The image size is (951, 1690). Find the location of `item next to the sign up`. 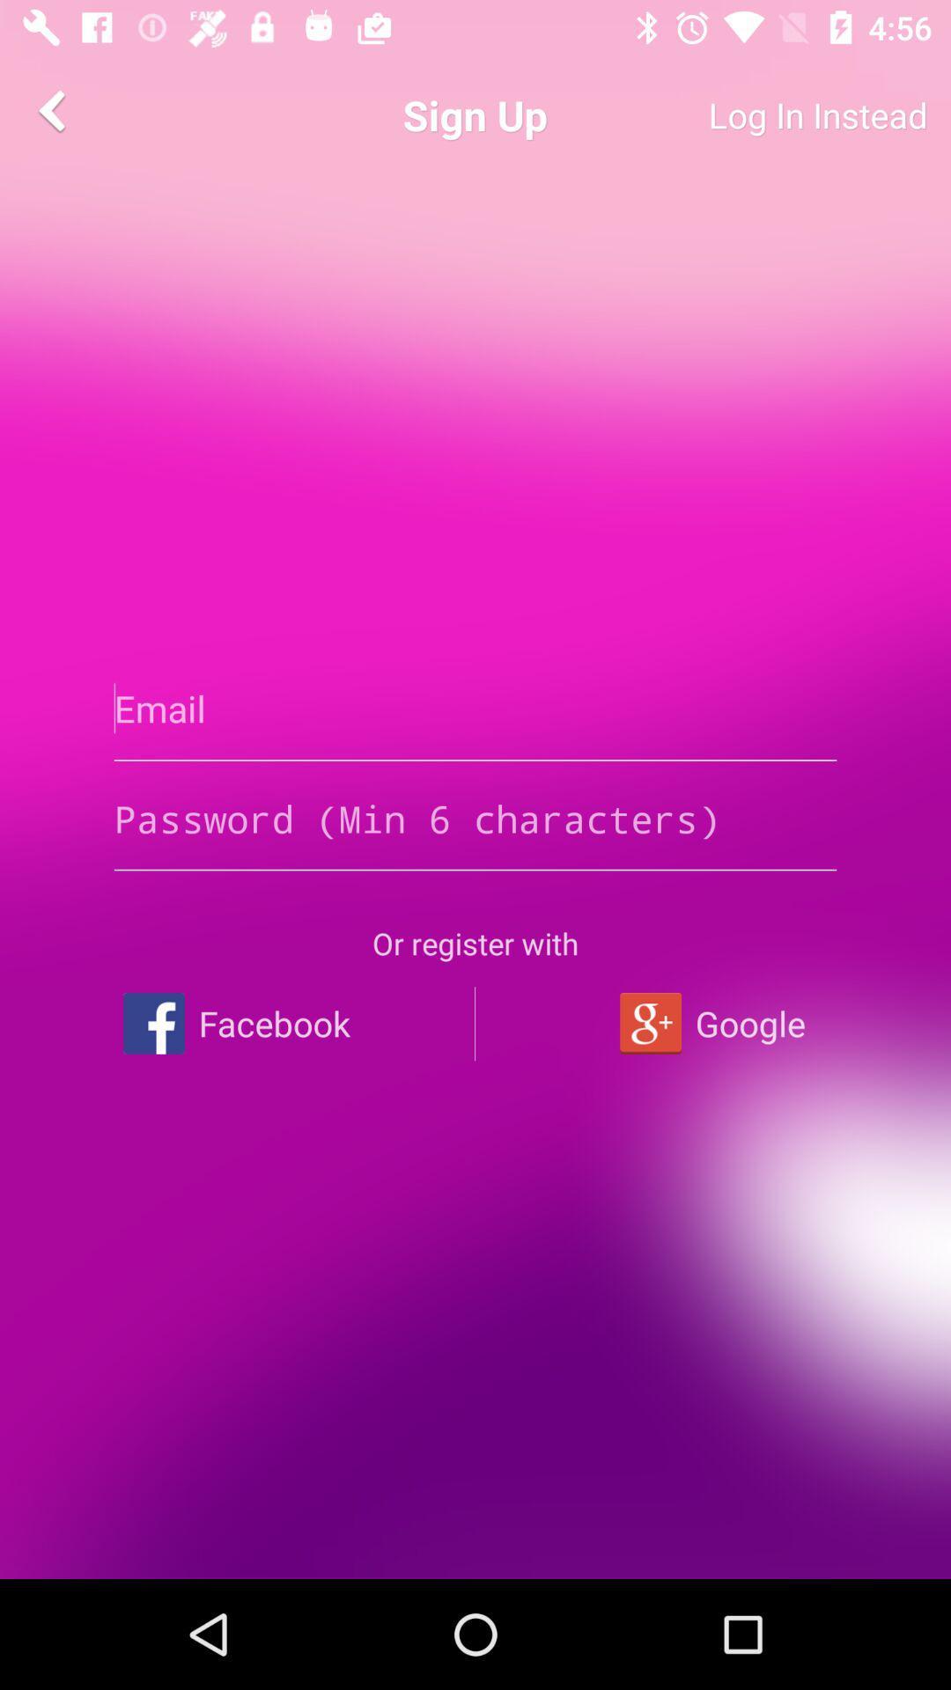

item next to the sign up is located at coordinates (54, 109).